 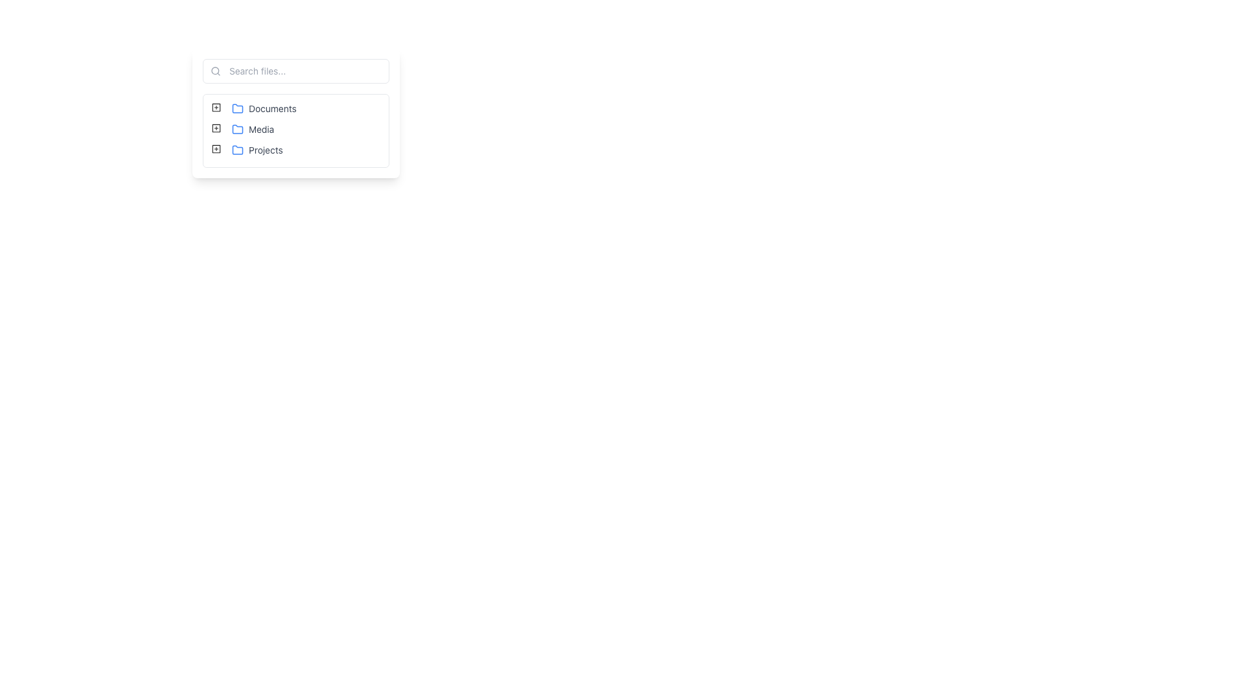 I want to click on the toggle button with a plus sign icon located to the left of the 'Media' label in the tree view, so click(x=216, y=130).